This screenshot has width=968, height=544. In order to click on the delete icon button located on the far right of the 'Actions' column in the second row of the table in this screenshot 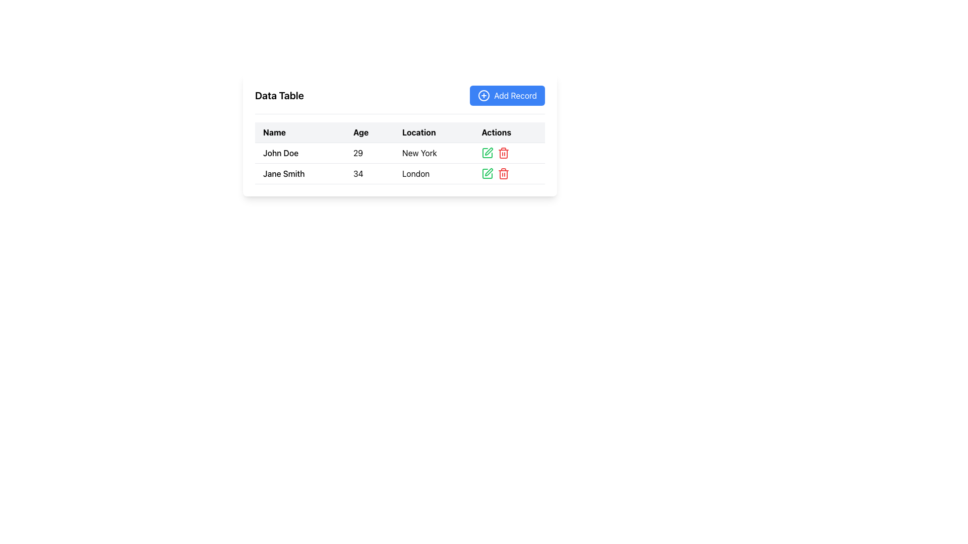, I will do `click(503, 153)`.